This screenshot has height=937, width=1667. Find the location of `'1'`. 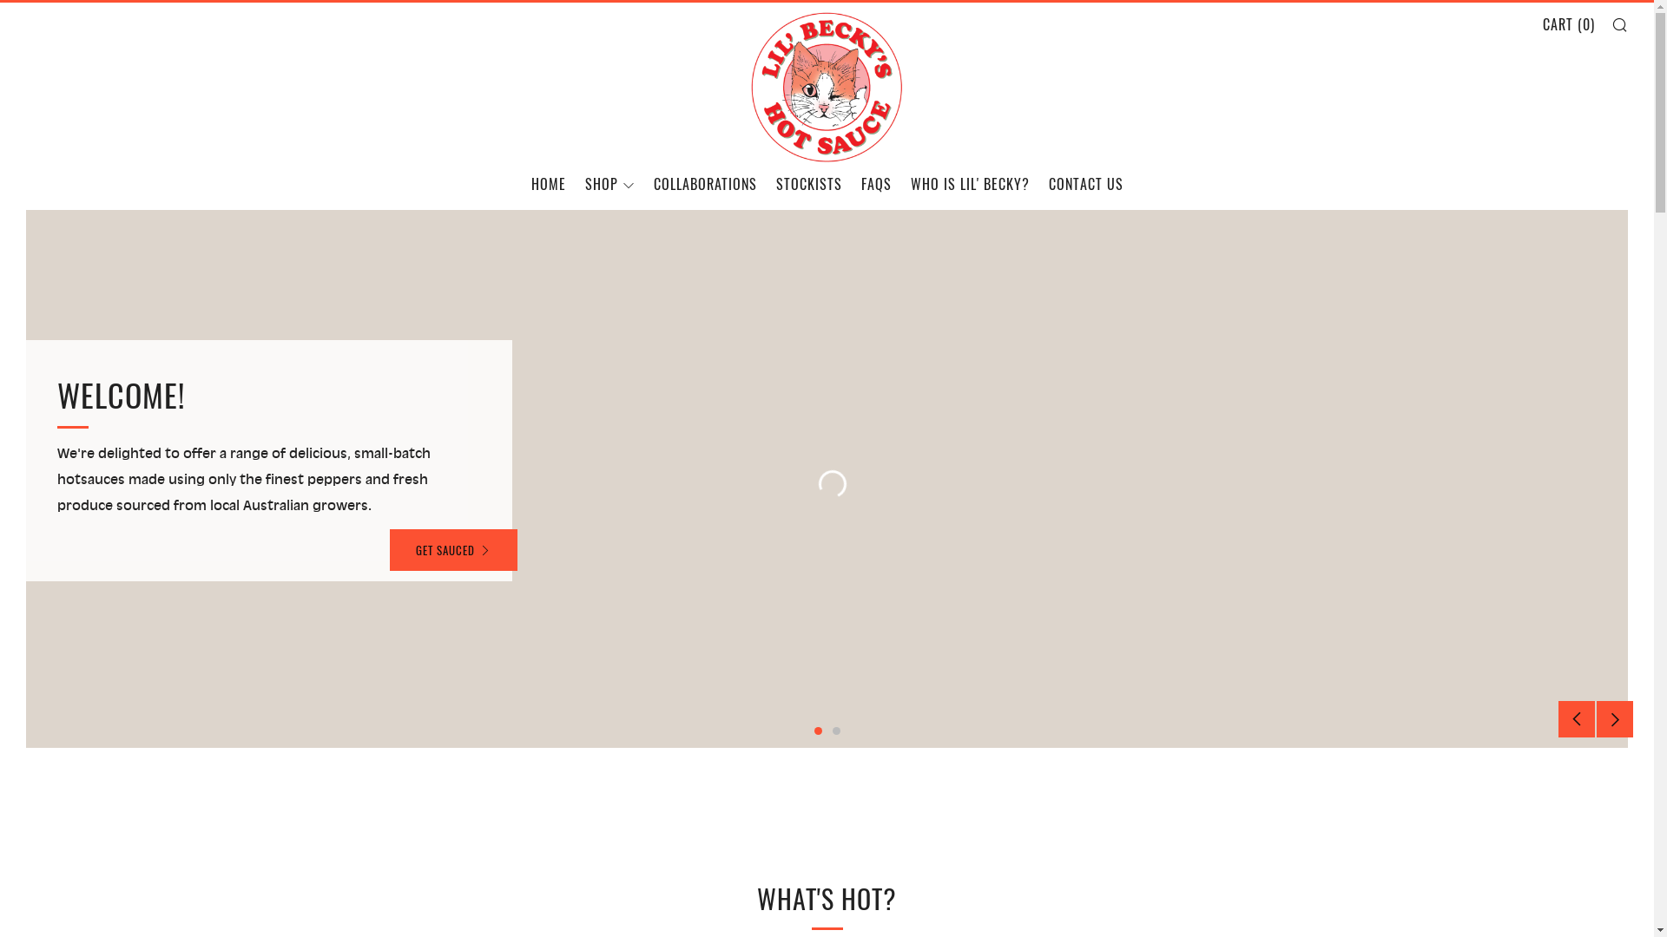

'1' is located at coordinates (813, 731).